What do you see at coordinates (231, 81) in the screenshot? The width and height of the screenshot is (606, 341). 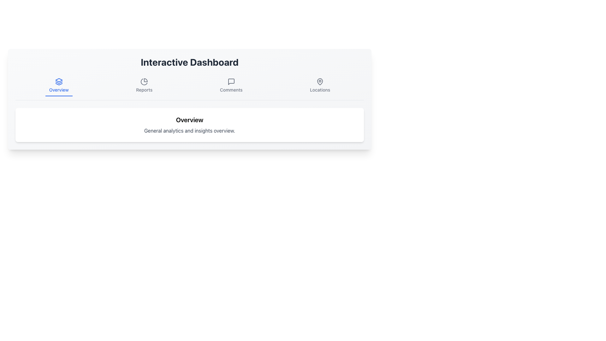 I see `the small comment icon styled as a squared speech bubble with a tail at the bottom left, located` at bounding box center [231, 81].